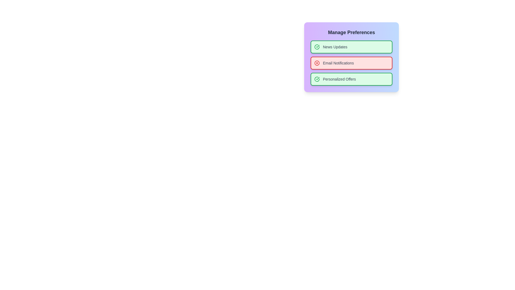 This screenshot has height=290, width=515. Describe the element at coordinates (351, 79) in the screenshot. I see `the preference item Personalized Offers to toggle its state` at that location.